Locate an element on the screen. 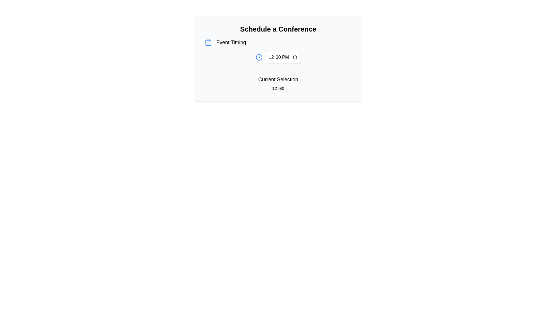 Image resolution: width=551 pixels, height=310 pixels. the Time Input Field located in the 'Event Timing' section is located at coordinates (283, 57).